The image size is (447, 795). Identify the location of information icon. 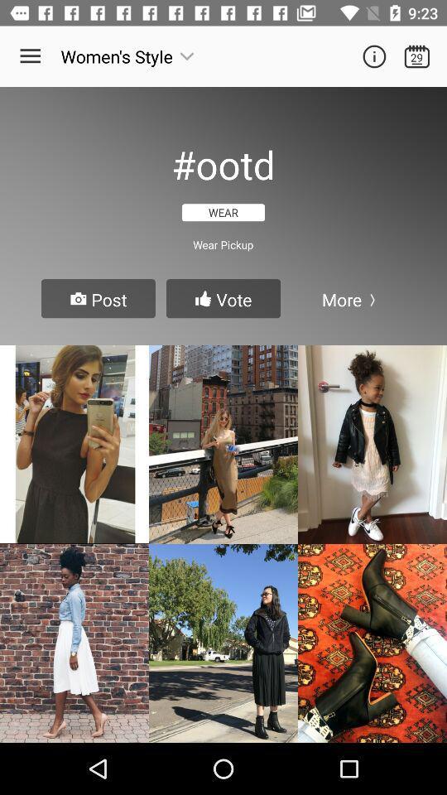
(374, 56).